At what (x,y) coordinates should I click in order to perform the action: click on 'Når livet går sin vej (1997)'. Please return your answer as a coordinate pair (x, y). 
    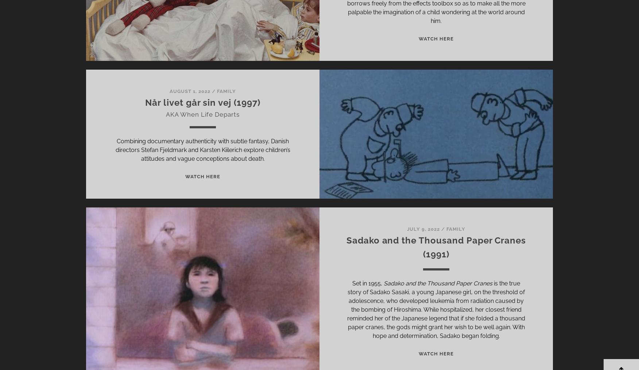
    Looking at the image, I should click on (202, 102).